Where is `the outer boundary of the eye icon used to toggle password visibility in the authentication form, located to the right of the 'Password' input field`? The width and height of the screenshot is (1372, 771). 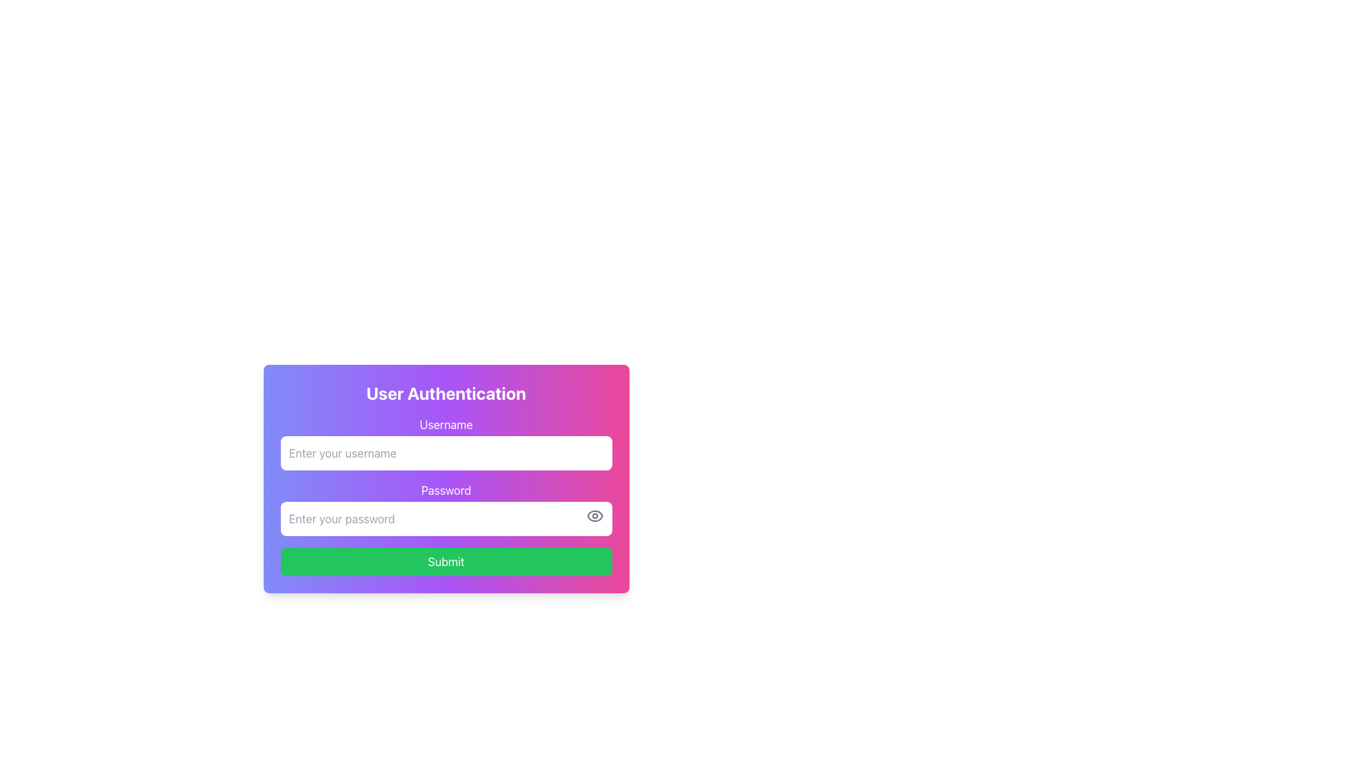 the outer boundary of the eye icon used to toggle password visibility in the authentication form, located to the right of the 'Password' input field is located at coordinates (595, 515).